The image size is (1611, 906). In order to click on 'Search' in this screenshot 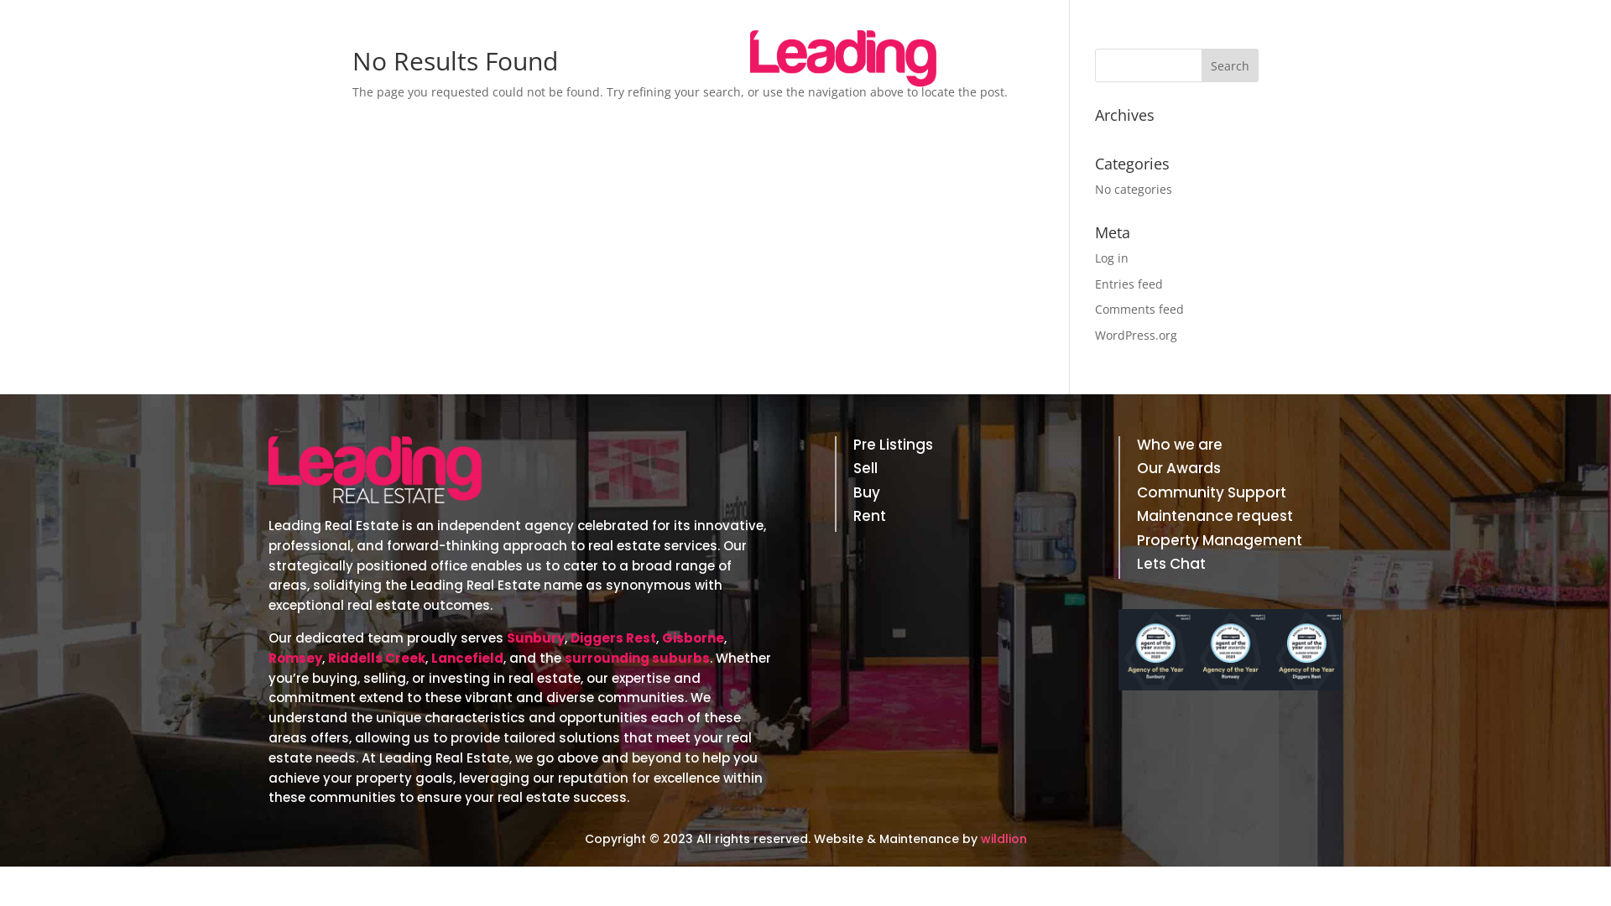, I will do `click(1229, 64)`.